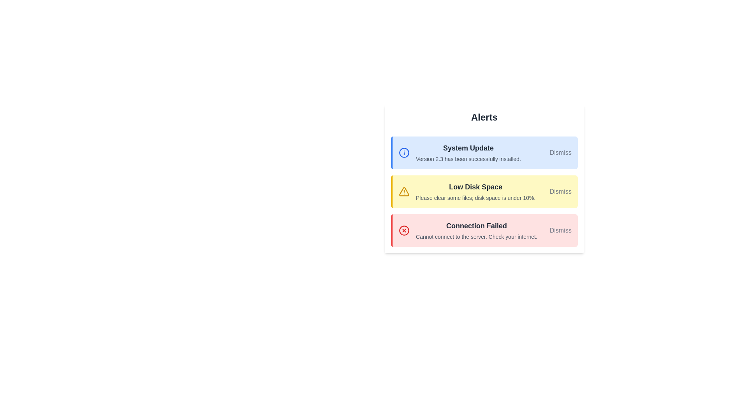 The image size is (747, 420). What do you see at coordinates (484, 230) in the screenshot?
I see `information text from the notification component about the failed connection issue, which includes a dismissible button` at bounding box center [484, 230].